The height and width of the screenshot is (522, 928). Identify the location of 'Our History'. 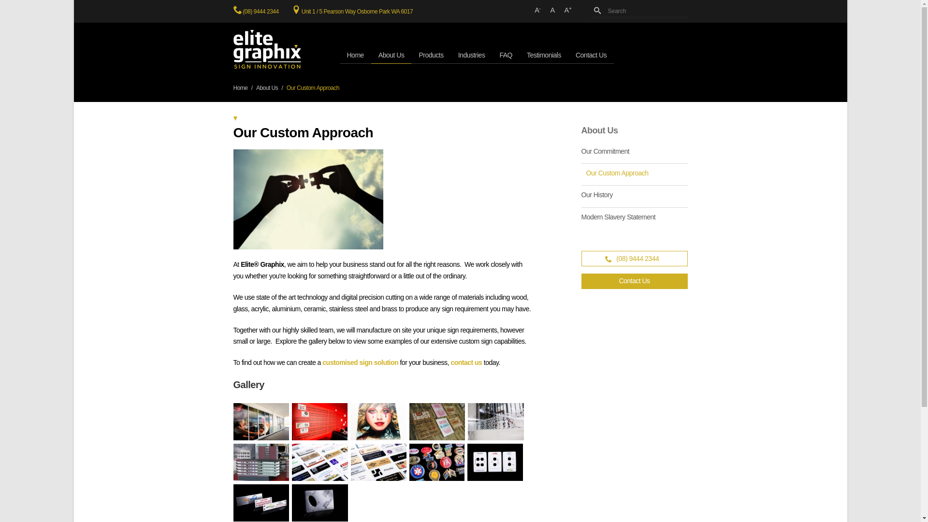
(580, 194).